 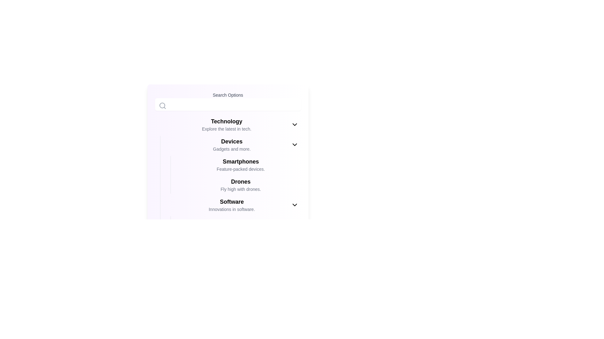 What do you see at coordinates (232, 164) in the screenshot?
I see `the list item labeled 'Smartphones' which includes the description 'Feature-packed devices.' This item is the second sub-item under the 'Devices' category` at bounding box center [232, 164].